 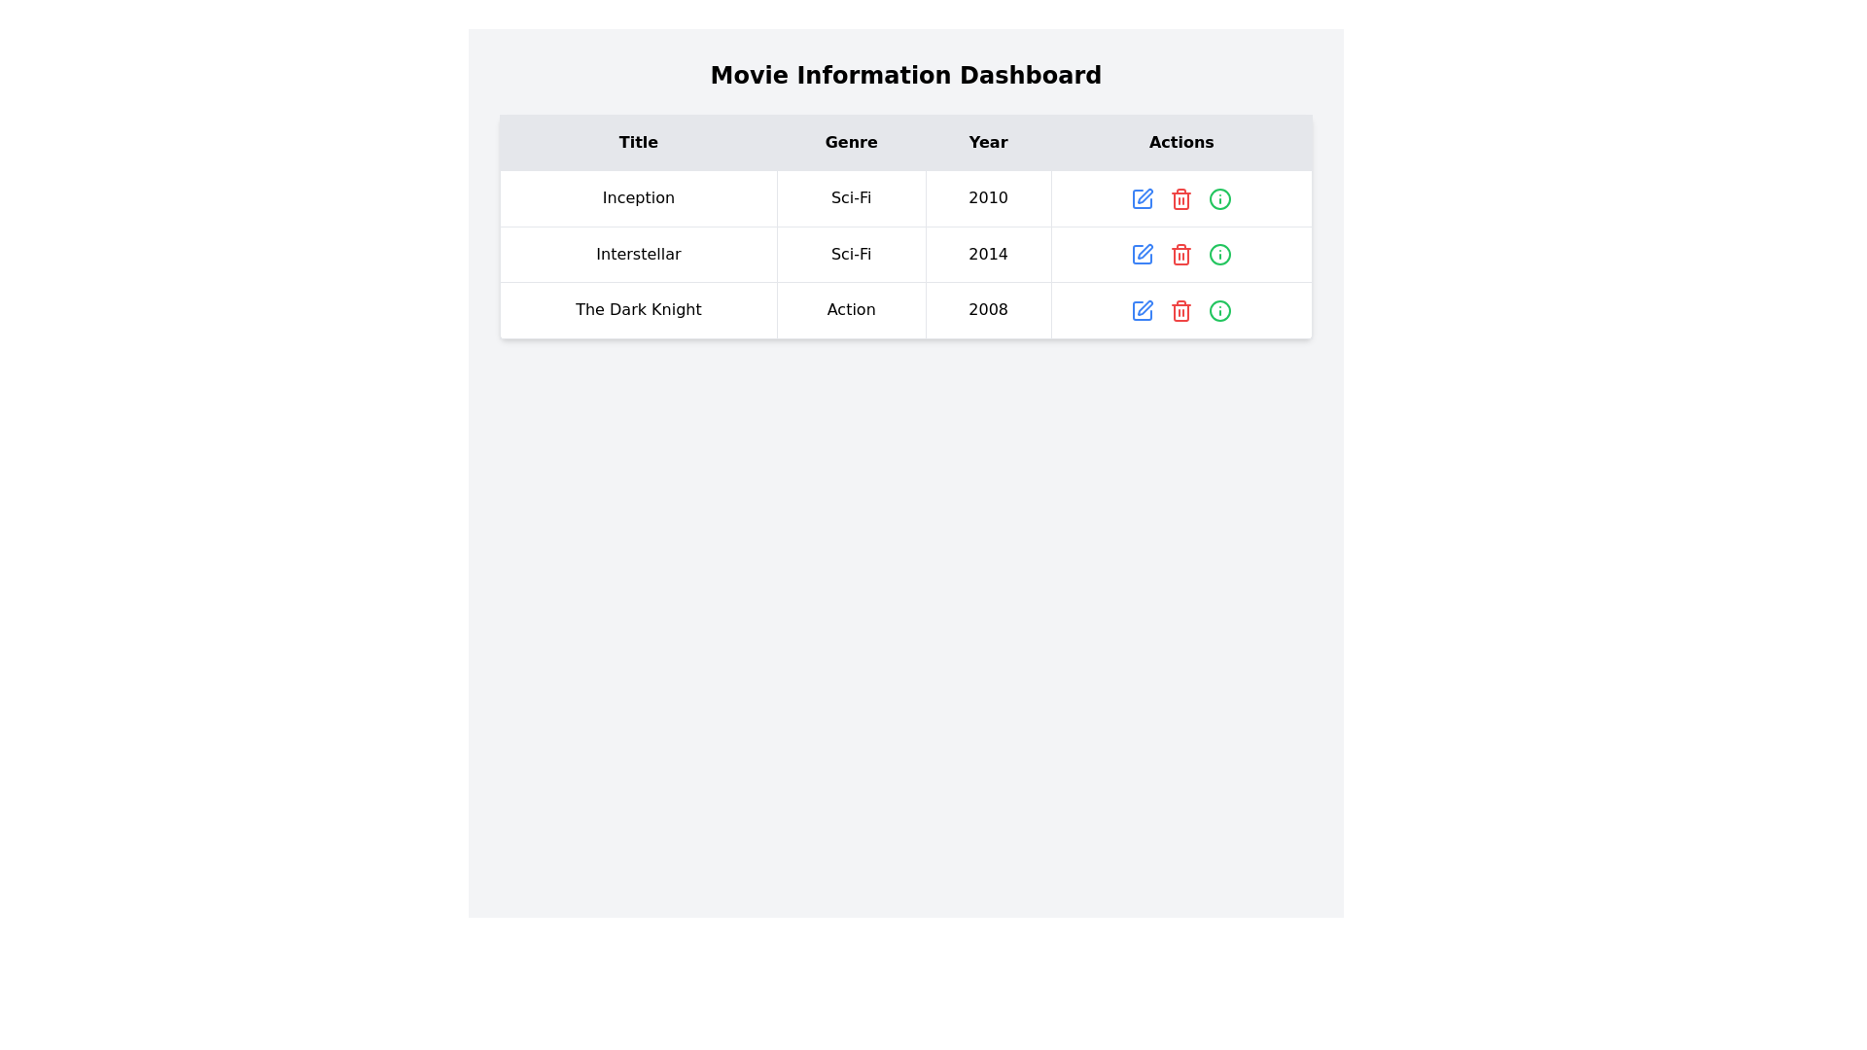 What do you see at coordinates (904, 253) in the screenshot?
I see `the second row in the table displaying movie details for 'Interstellar'` at bounding box center [904, 253].